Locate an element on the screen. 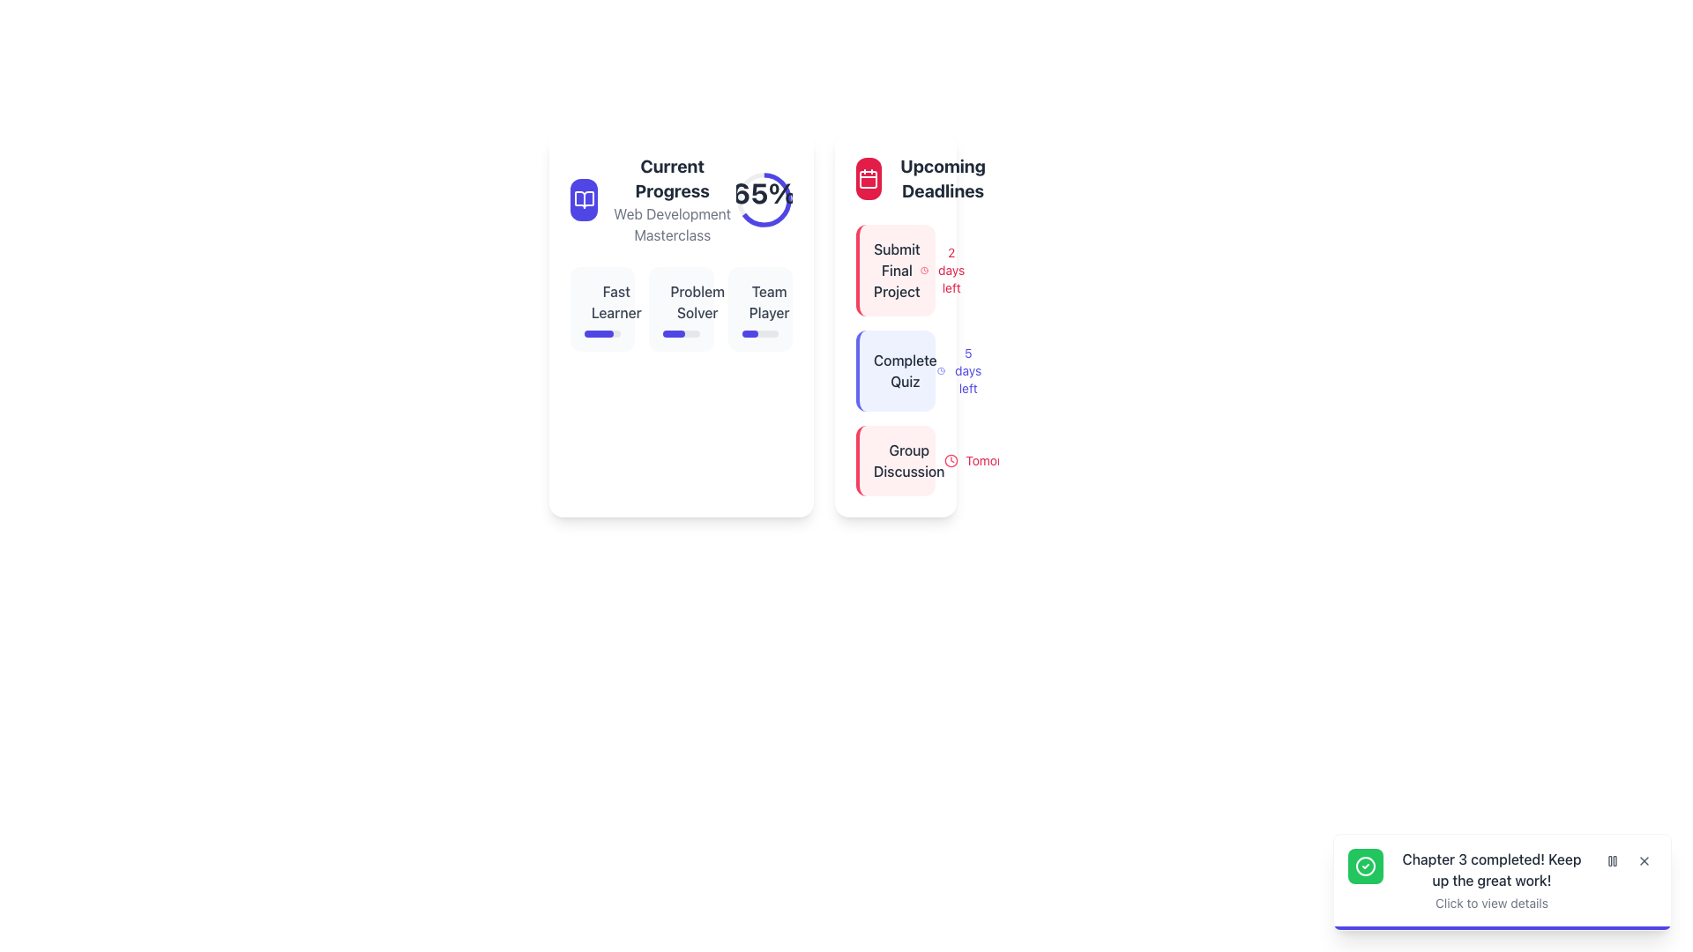 This screenshot has width=1693, height=952. the 'Tomorrow' text label, which indicates the time frame for an event, located in the 'Upcoming Deadlines' card, positioned to the right of the clock icon and under the 'Group Discussion' entry is located at coordinates (994, 460).